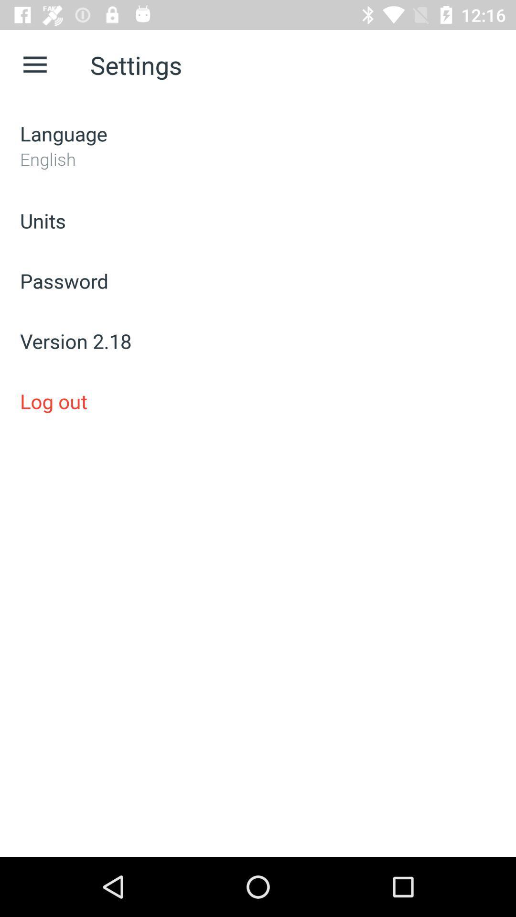  What do you see at coordinates (258, 341) in the screenshot?
I see `the icon above log out` at bounding box center [258, 341].